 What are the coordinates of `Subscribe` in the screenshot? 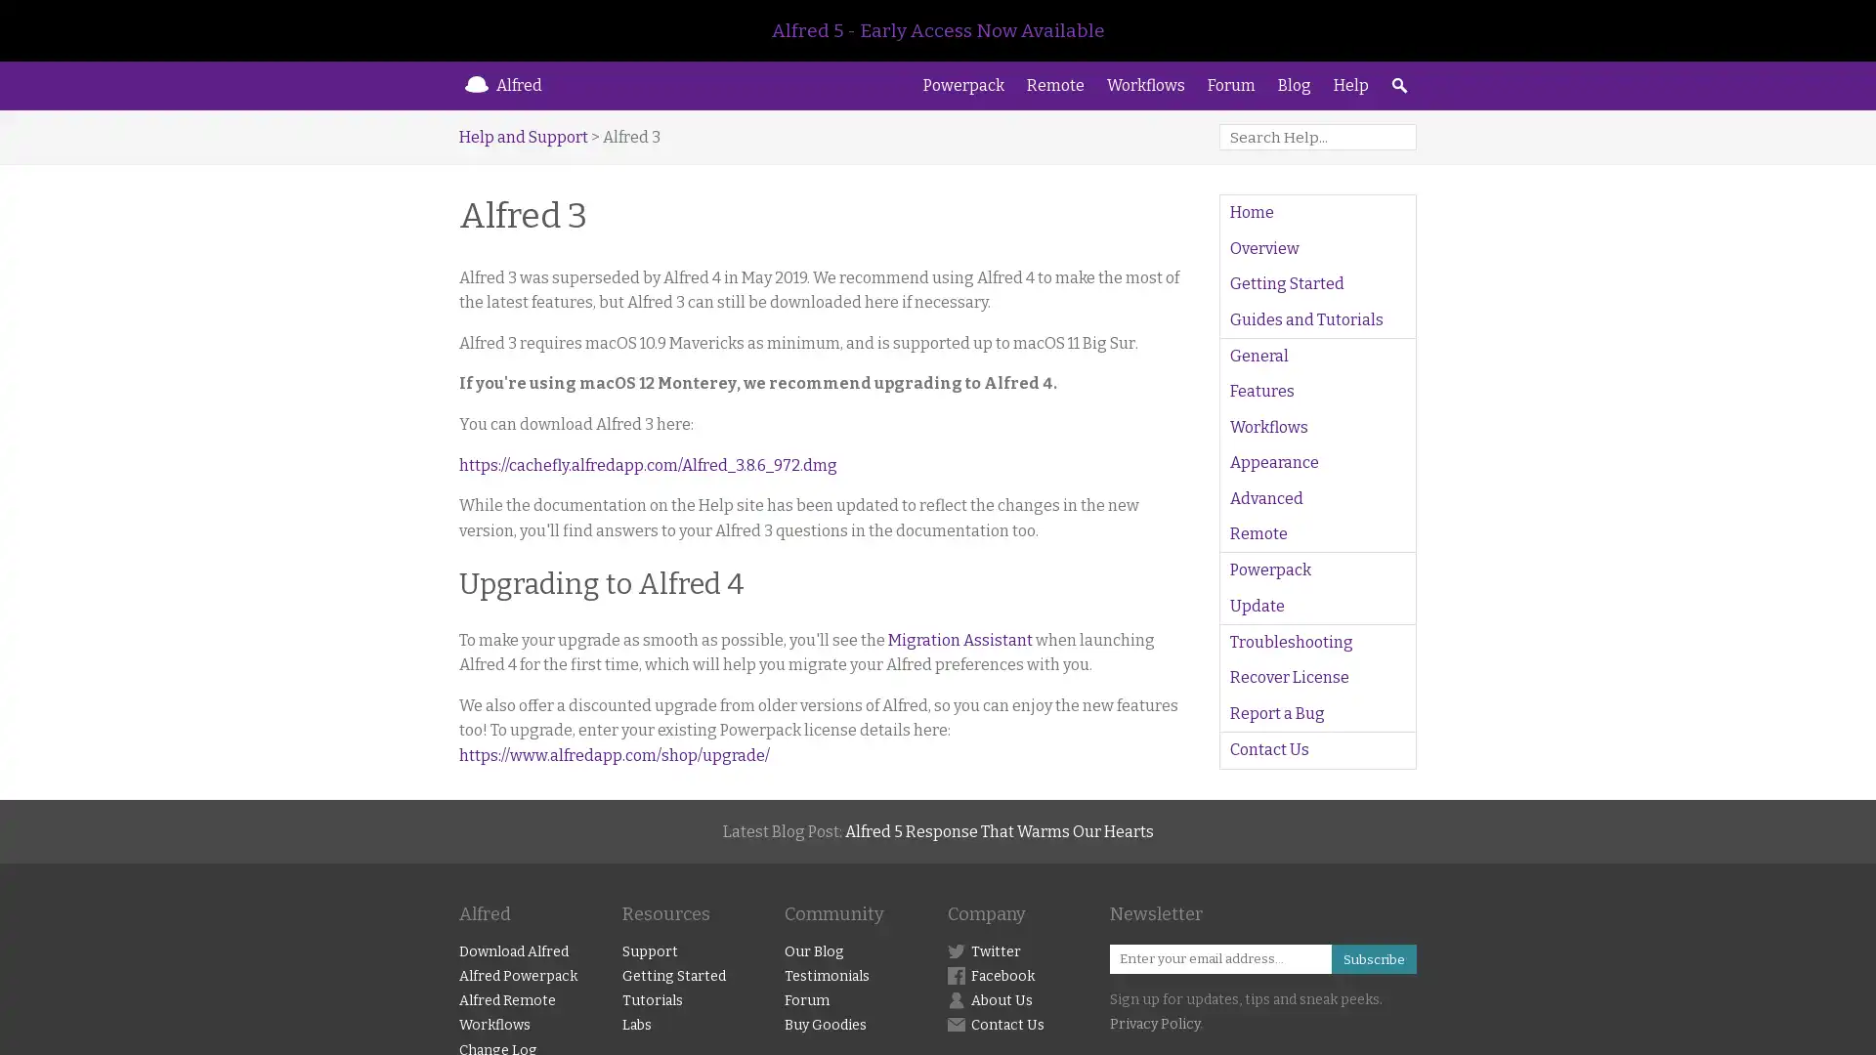 It's located at (1372, 956).